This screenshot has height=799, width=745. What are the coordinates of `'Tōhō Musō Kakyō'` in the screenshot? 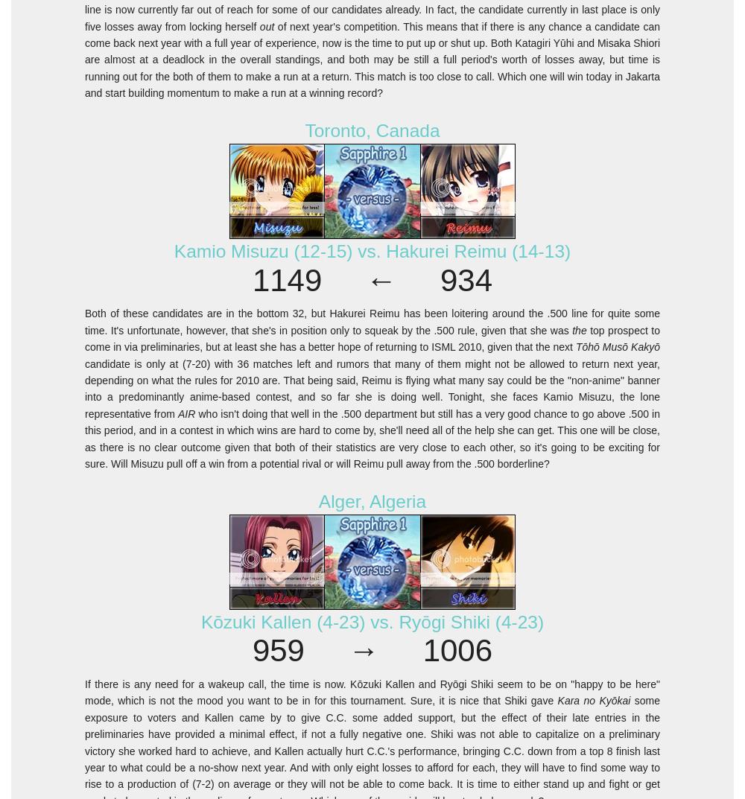 It's located at (616, 347).